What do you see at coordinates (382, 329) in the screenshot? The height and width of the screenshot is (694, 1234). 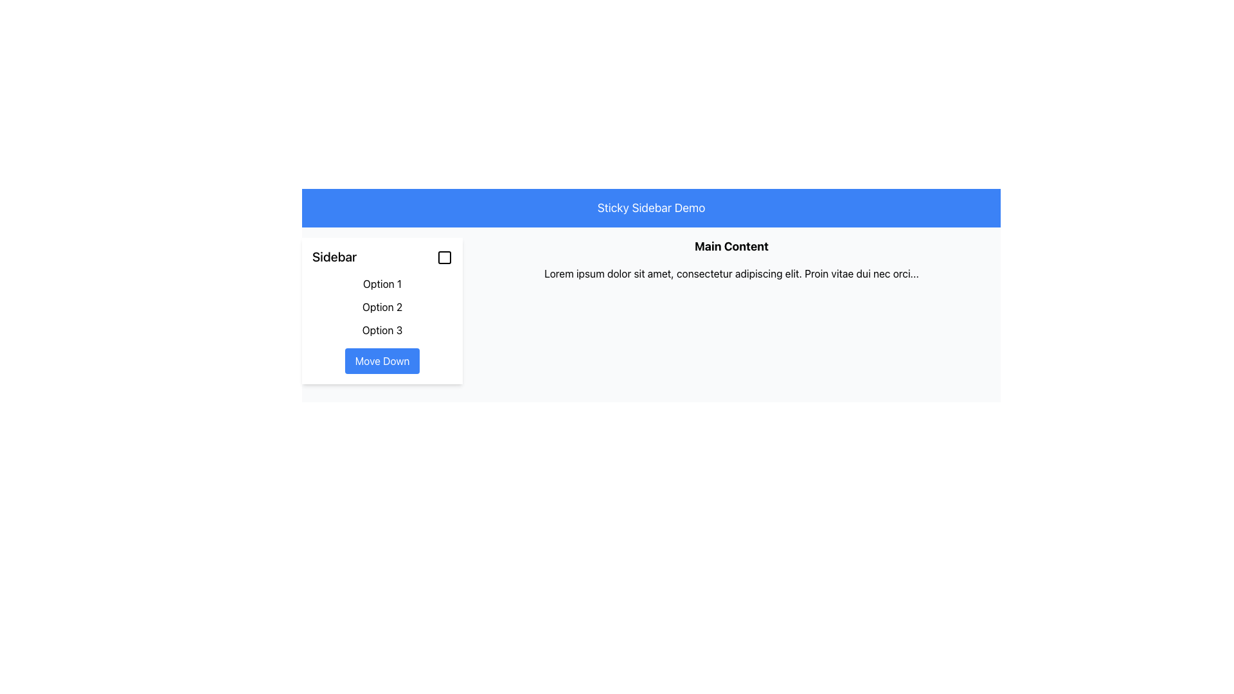 I see `the text label displaying 'Option 3', which is the last item in the sidebar list, positioned below 'Option 2'` at bounding box center [382, 329].